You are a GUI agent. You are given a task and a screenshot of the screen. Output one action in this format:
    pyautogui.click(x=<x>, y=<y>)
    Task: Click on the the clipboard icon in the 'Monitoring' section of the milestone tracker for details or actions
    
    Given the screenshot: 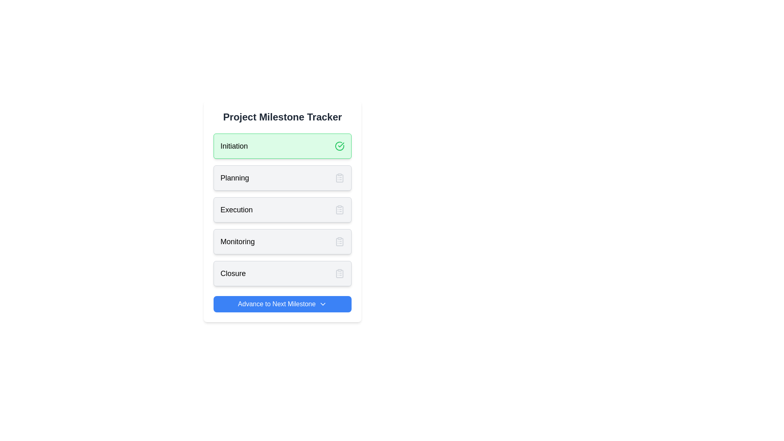 What is the action you would take?
    pyautogui.click(x=339, y=241)
    